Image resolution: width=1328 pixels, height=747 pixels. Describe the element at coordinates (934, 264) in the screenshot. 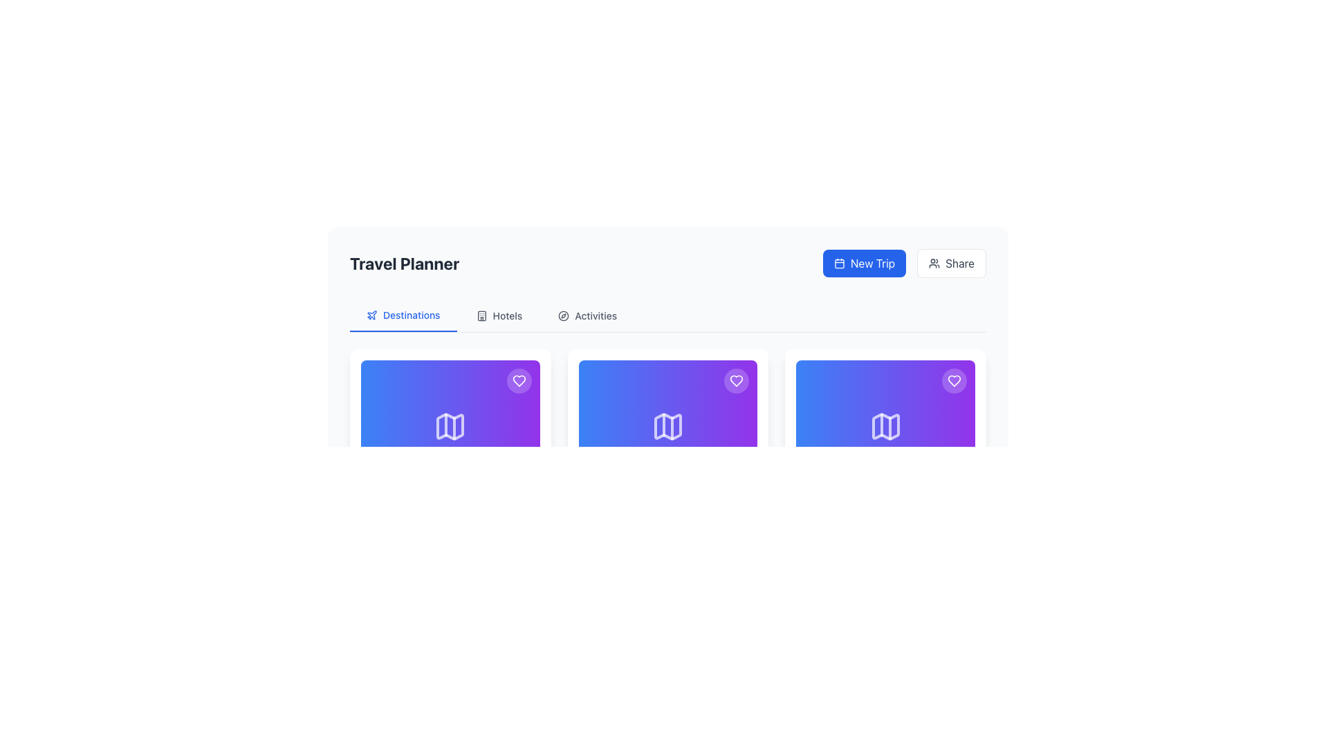

I see `the 'Share' button by clicking on the decorative SVG icon located at the top-right of the interface` at that location.